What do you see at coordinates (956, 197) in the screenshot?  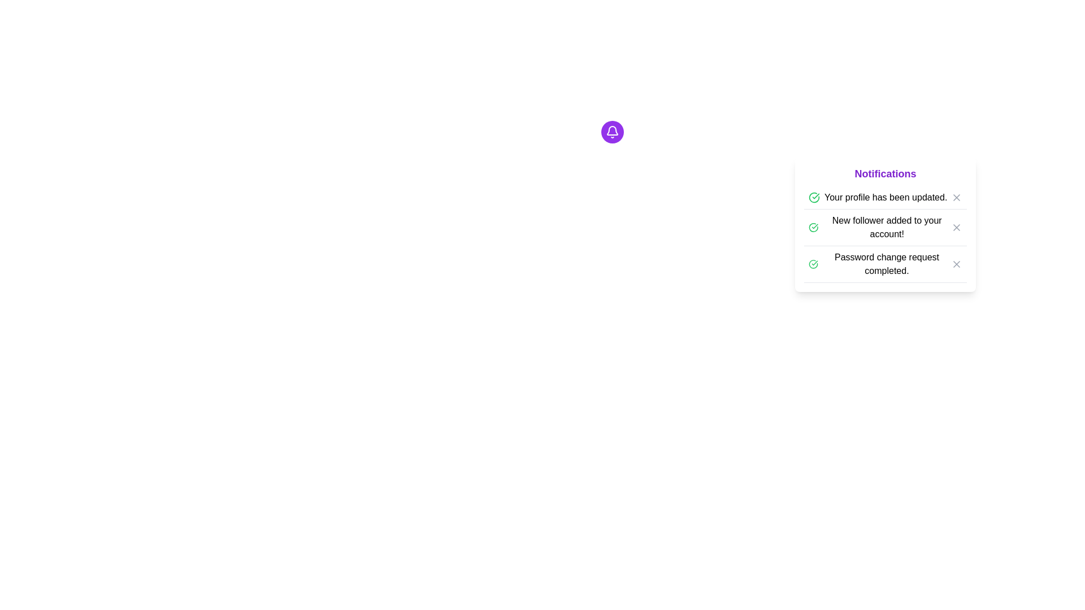 I see `the close button icon` at bounding box center [956, 197].